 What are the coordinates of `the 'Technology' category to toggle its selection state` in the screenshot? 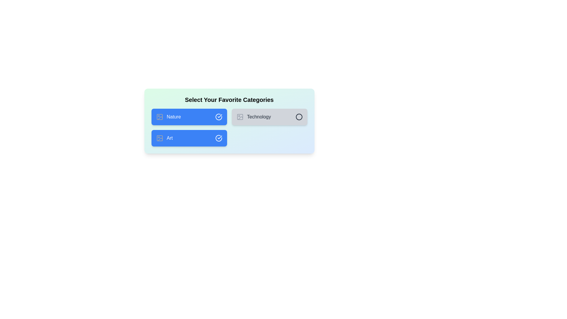 It's located at (269, 117).